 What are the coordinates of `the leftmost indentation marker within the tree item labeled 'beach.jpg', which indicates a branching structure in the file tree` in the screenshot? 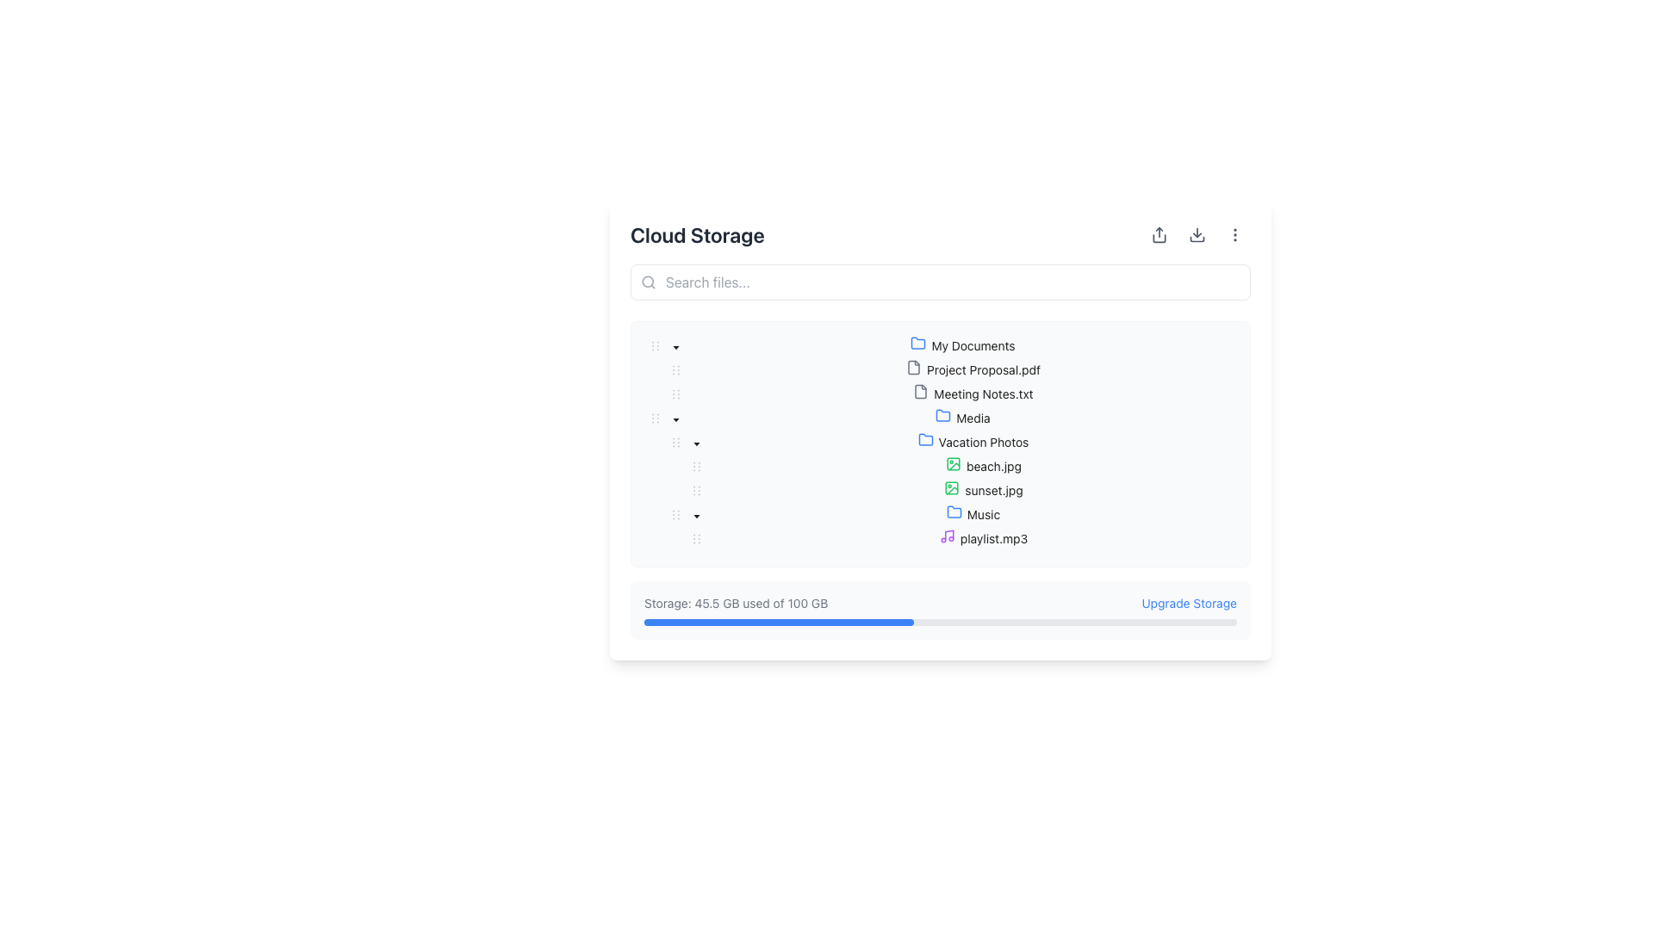 It's located at (664, 467).